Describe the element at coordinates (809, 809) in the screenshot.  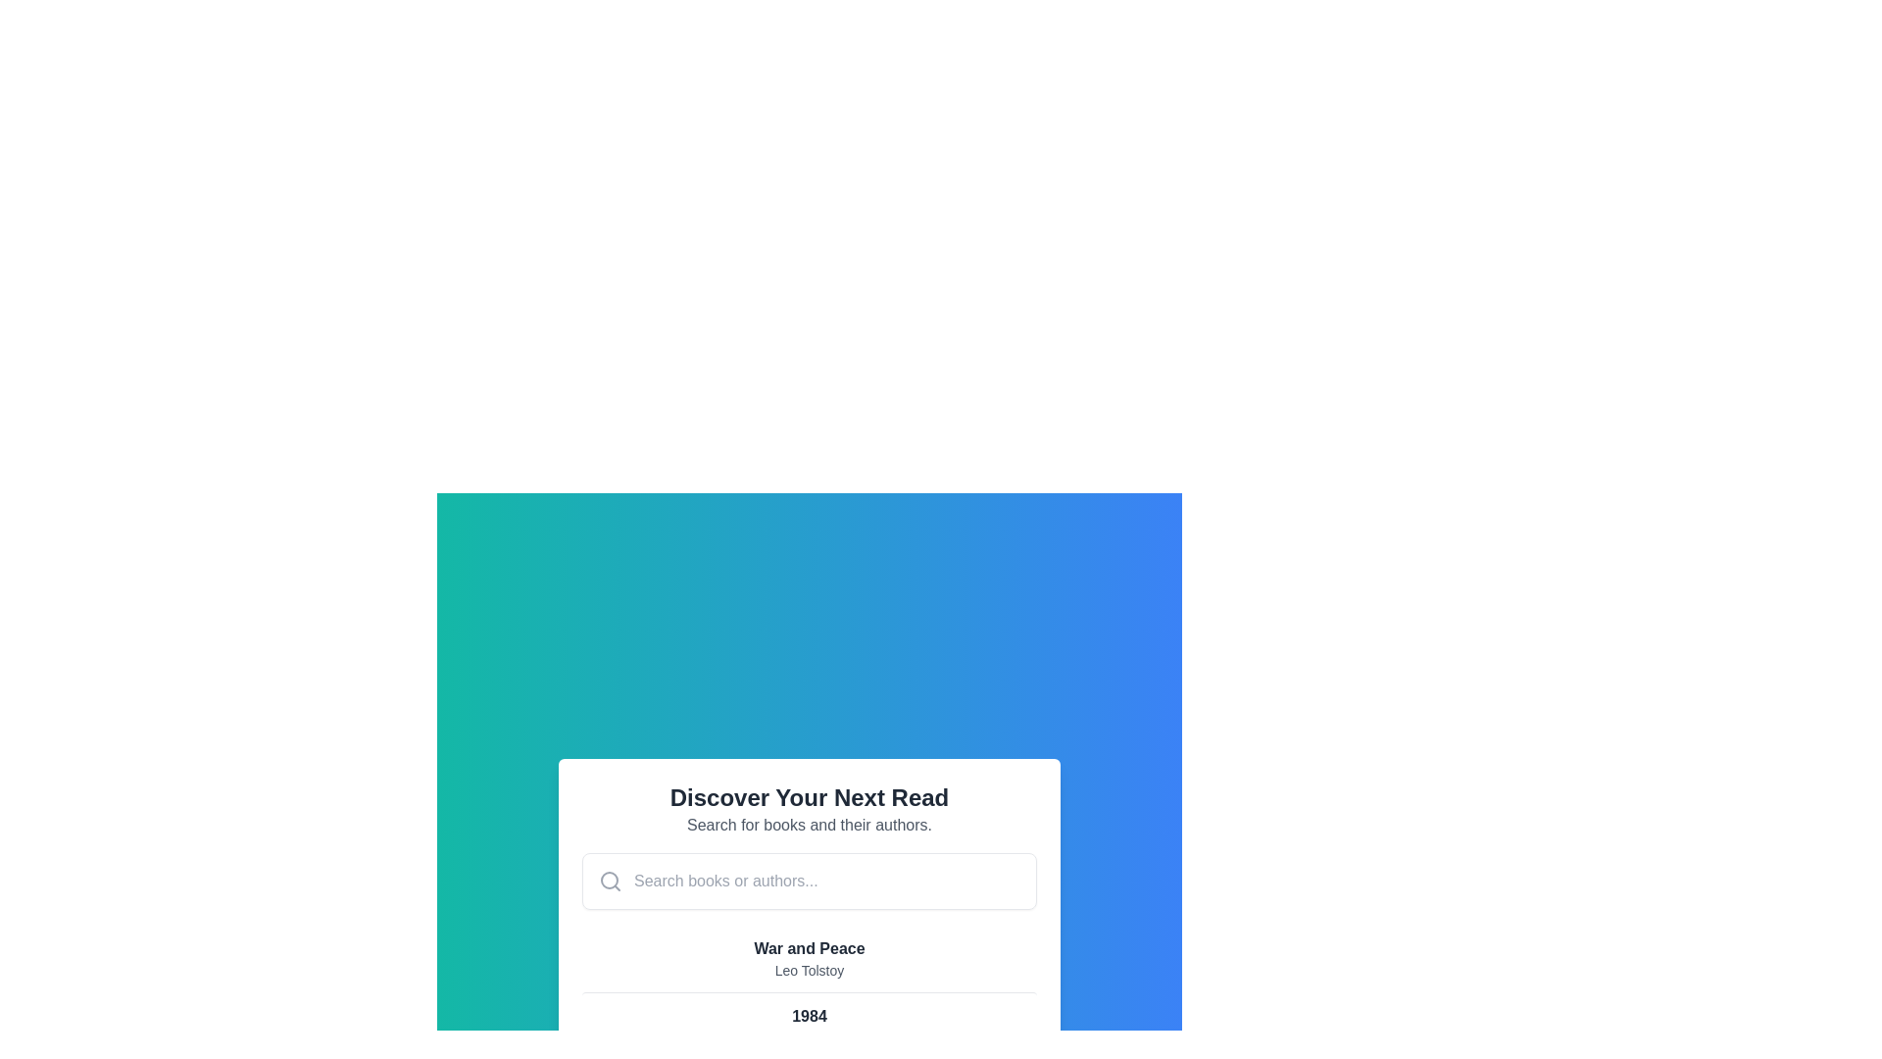
I see `the header element displaying 'Discover Your Next Read' and its subheading 'Search for books and their authors'` at that location.